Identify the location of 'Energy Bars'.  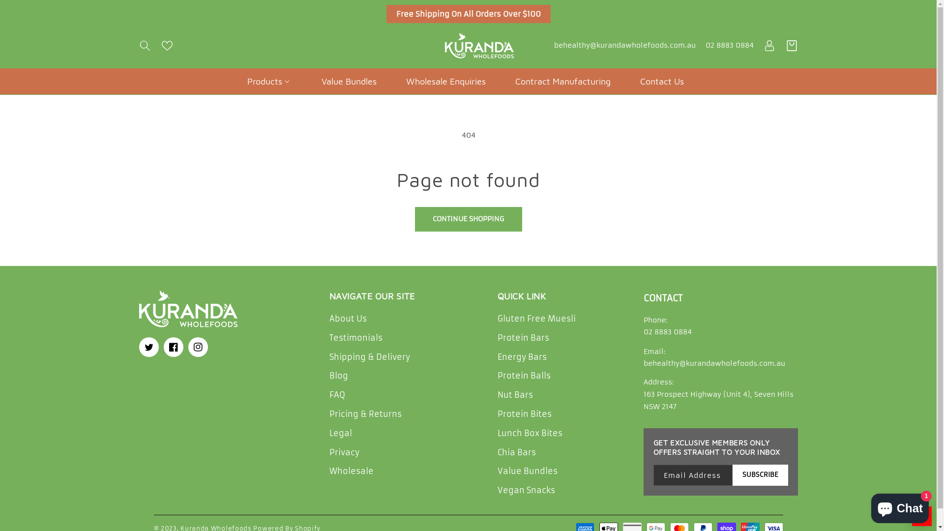
(521, 357).